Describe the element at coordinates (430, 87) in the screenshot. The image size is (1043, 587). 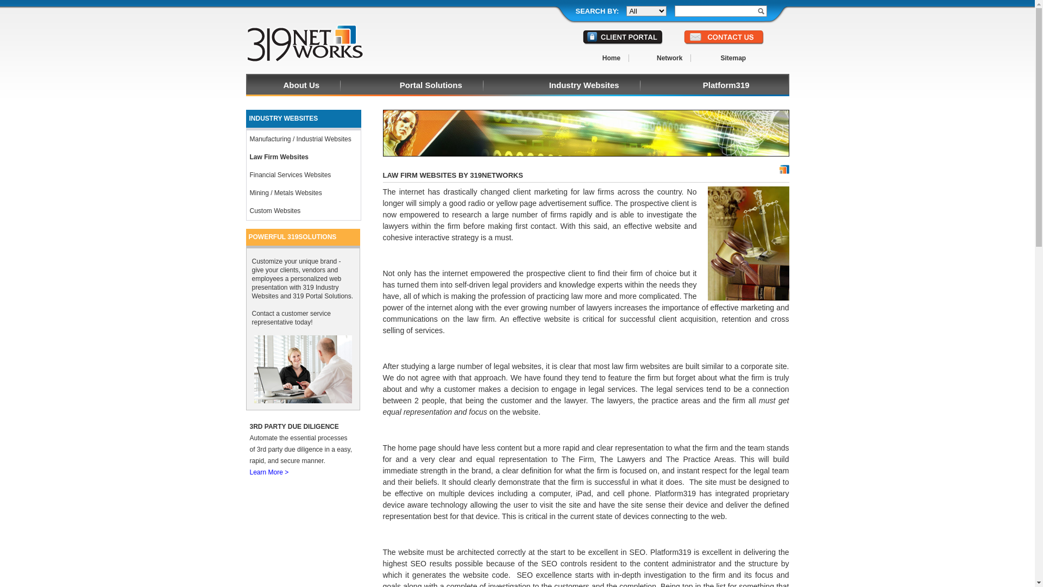
I see `'Portal Solutions'` at that location.